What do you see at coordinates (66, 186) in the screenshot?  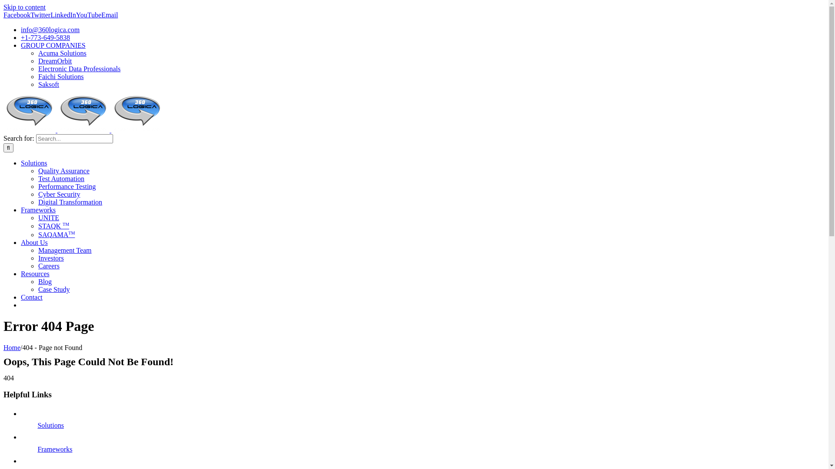 I see `'Performance Testing'` at bounding box center [66, 186].